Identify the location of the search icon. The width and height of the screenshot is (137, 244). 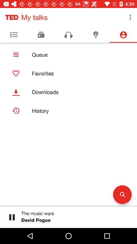
(122, 194).